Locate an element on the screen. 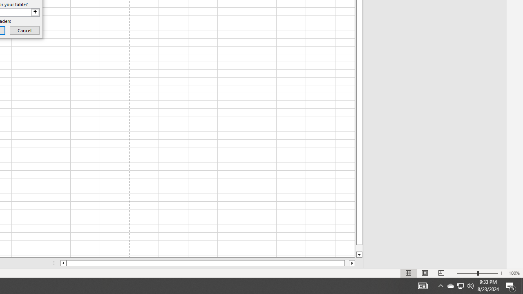  'Page right' is located at coordinates (346, 263).